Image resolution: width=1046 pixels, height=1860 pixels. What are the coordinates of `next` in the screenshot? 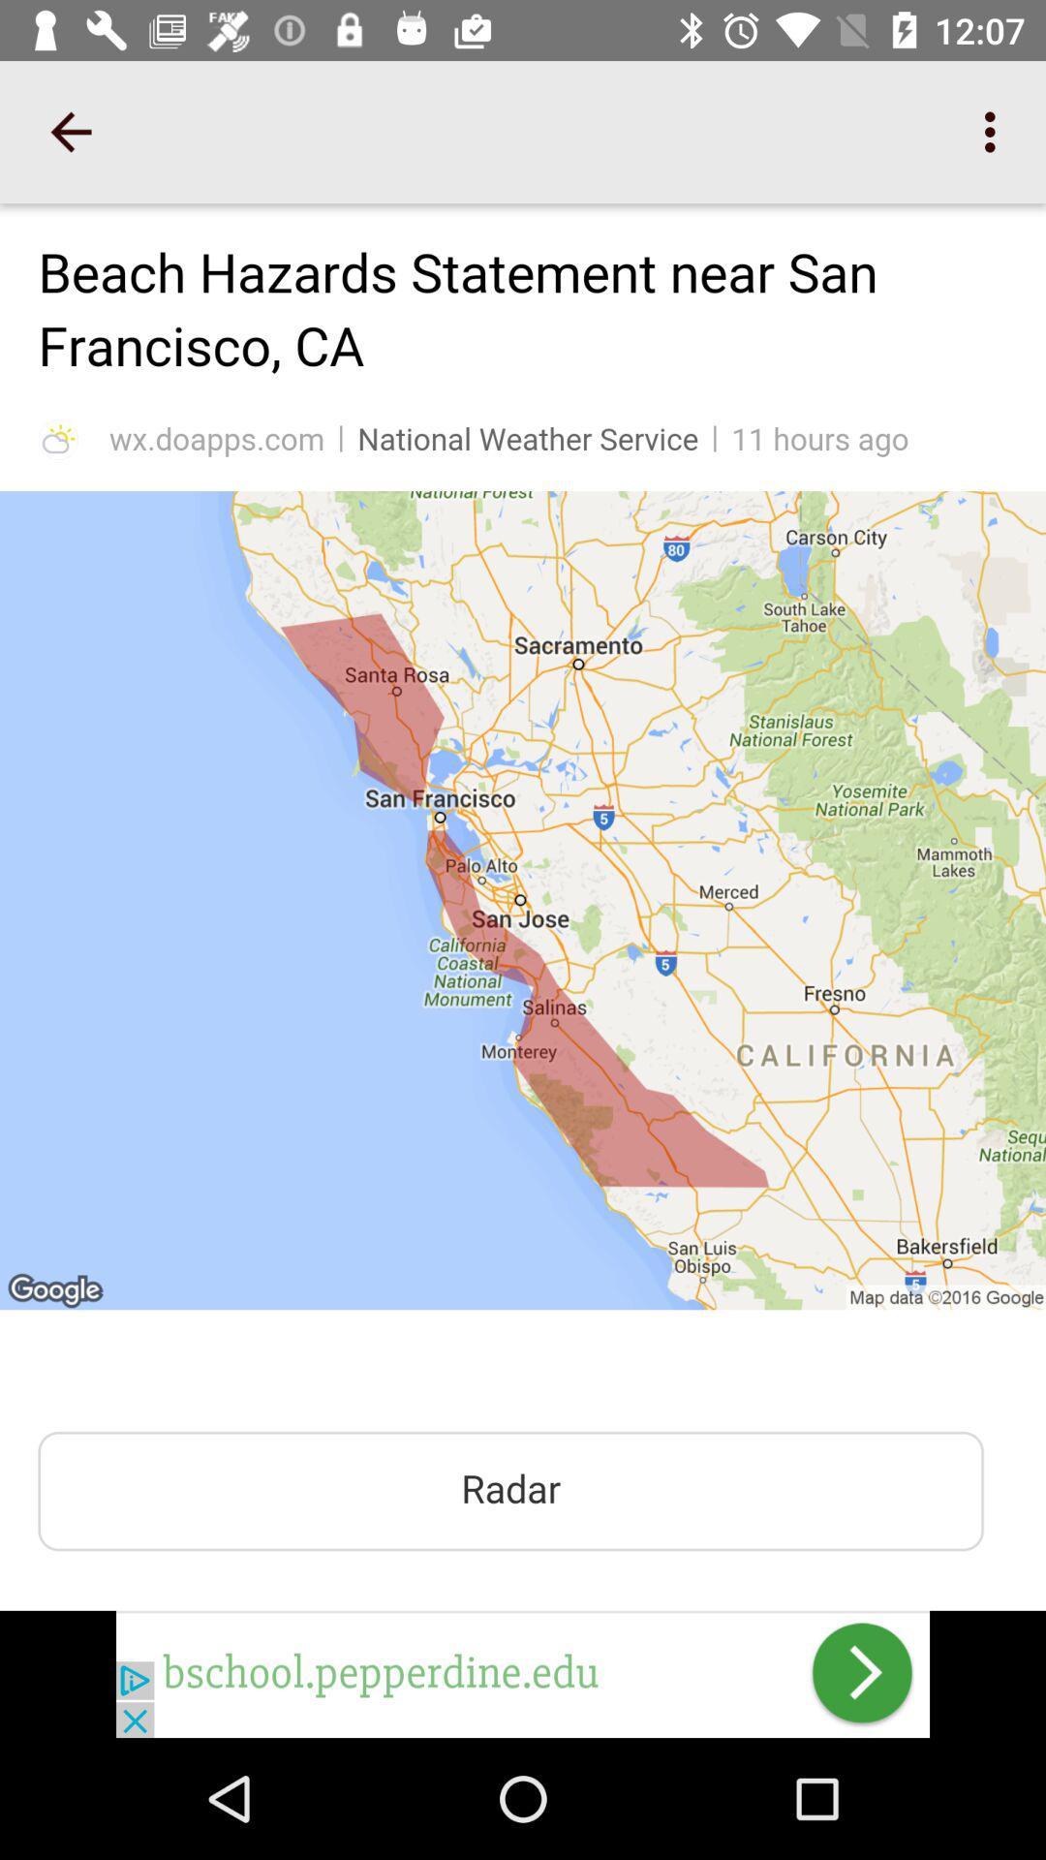 It's located at (523, 1673).